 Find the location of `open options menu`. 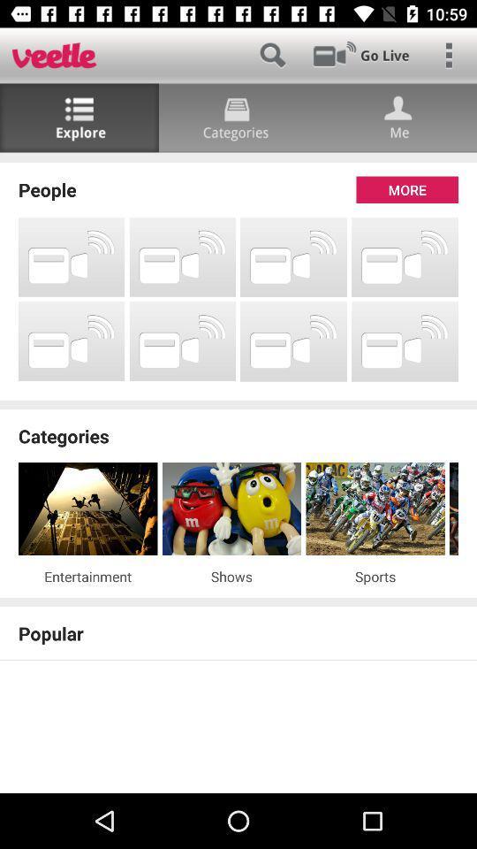

open options menu is located at coordinates (449, 55).